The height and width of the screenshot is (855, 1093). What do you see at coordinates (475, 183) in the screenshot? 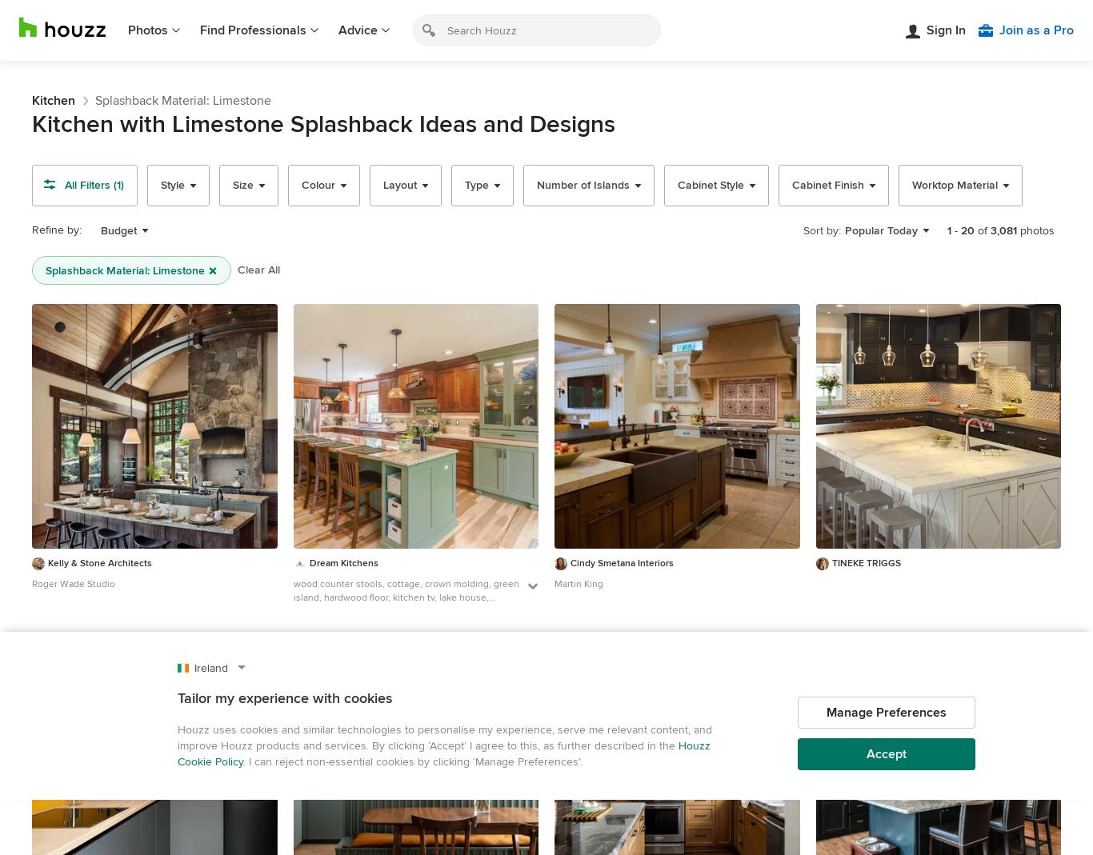
I see `'Type'` at bounding box center [475, 183].